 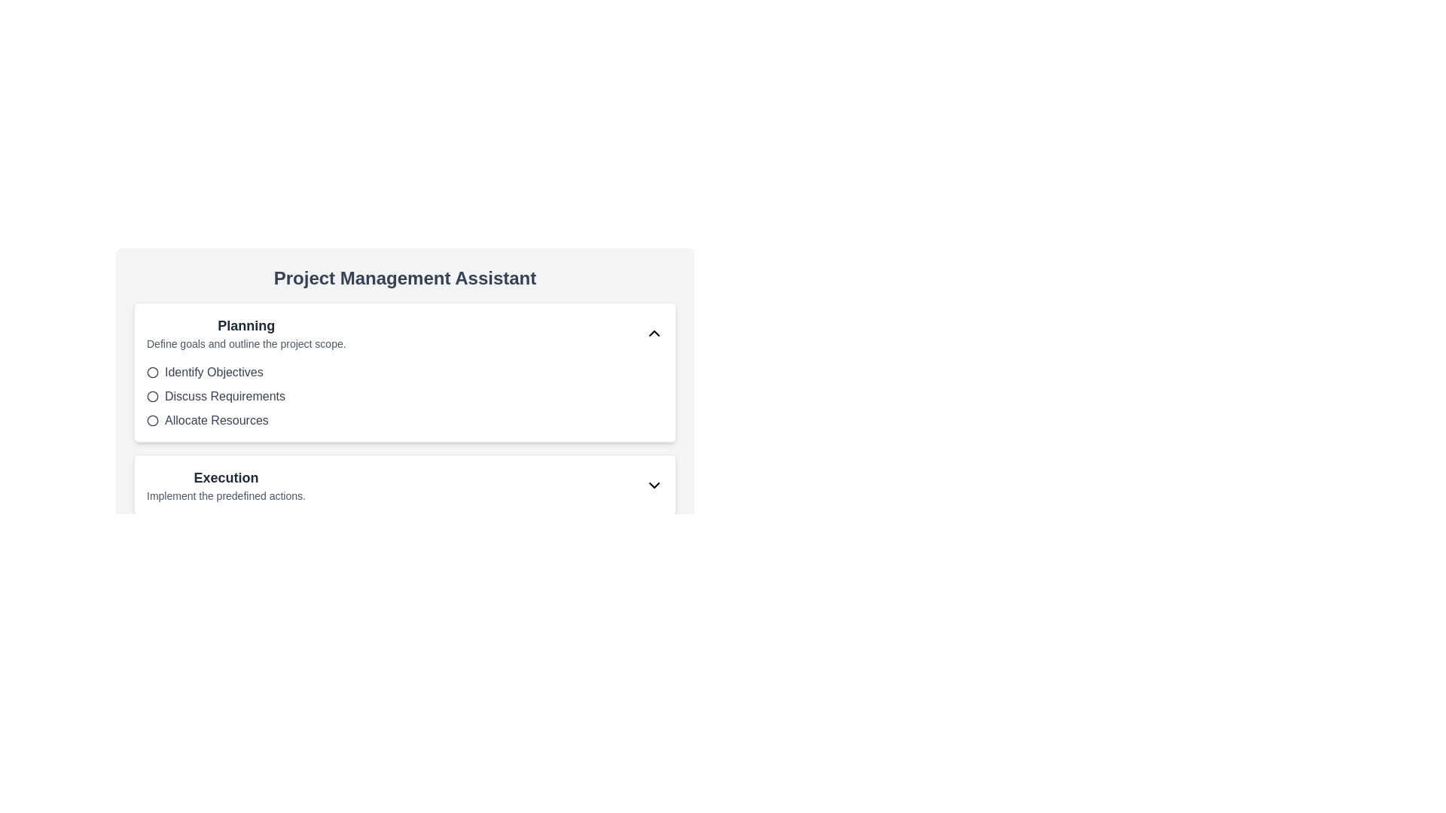 I want to click on the Text label located in the 'Execution' subsection, which provides context or guidance related to the execution actions, so click(x=225, y=496).